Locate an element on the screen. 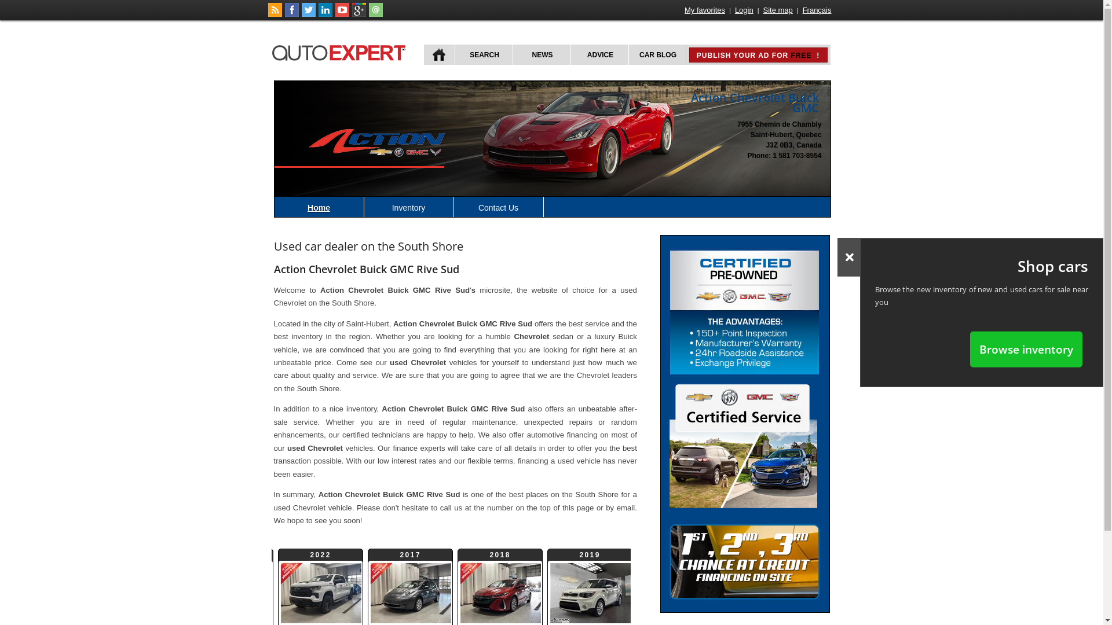 The height and width of the screenshot is (625, 1112). 'Browse inventory' is located at coordinates (1026, 348).